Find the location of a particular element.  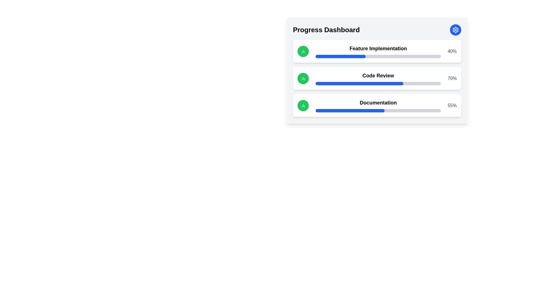

the 'Code Review' icon, which is represented by a distinctive icon within a green circular background located to the left side of the 'Code Review' progress bar in the dashboard is located at coordinates (303, 78).